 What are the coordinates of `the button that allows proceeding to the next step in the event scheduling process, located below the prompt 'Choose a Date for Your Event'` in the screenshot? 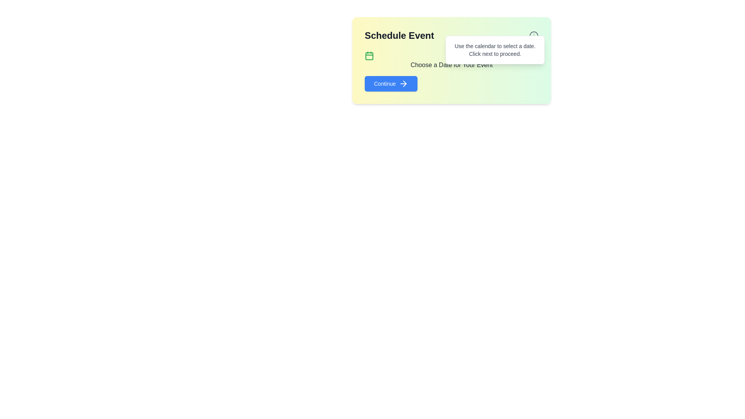 It's located at (391, 84).